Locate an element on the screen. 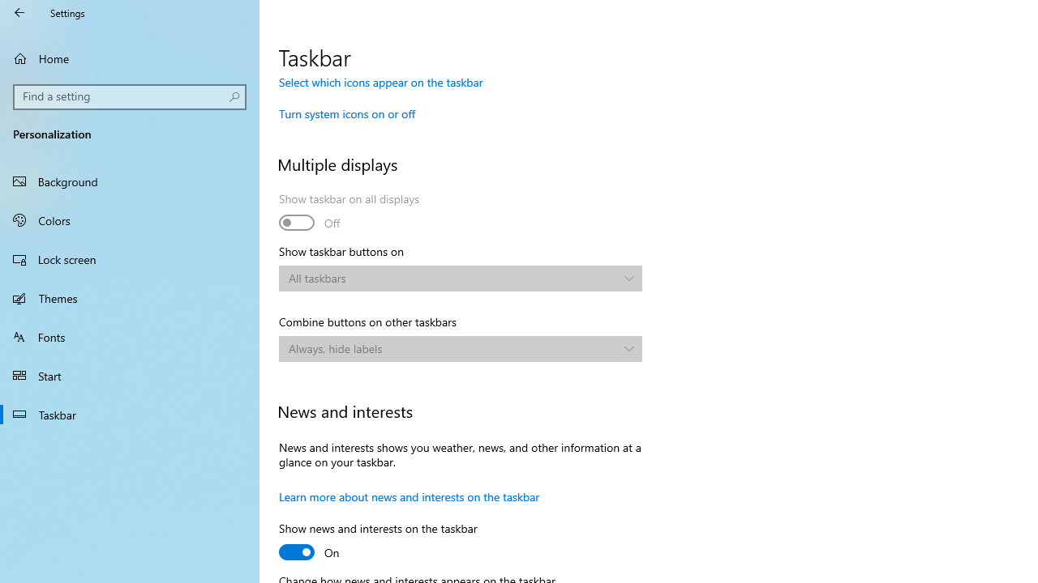  'Show news and interests on the taskbar' is located at coordinates (377, 543).